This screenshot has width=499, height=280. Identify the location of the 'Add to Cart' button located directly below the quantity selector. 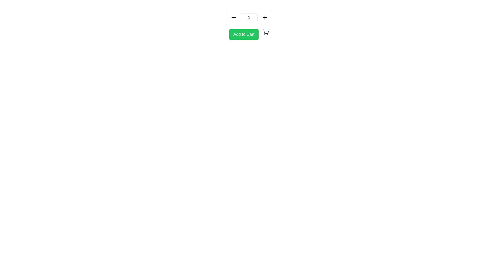
(249, 34).